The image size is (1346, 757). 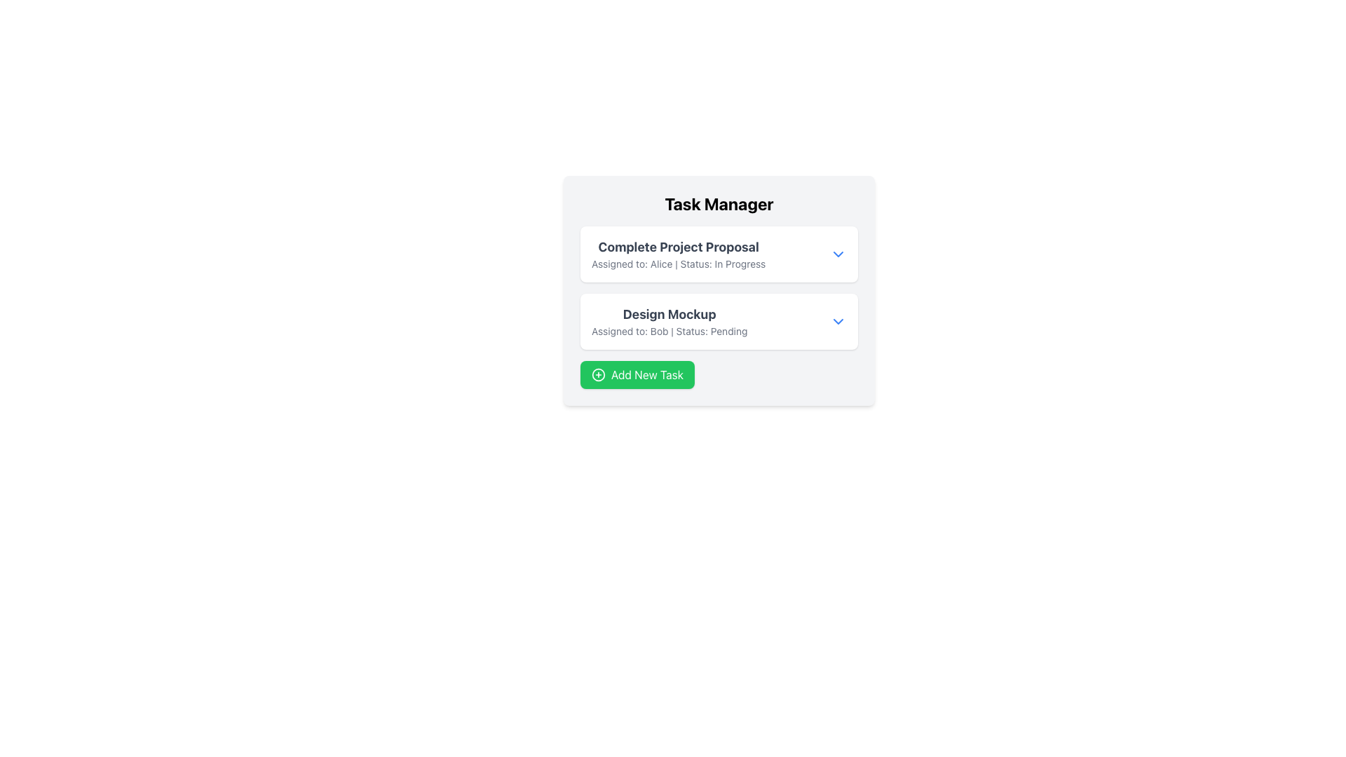 What do you see at coordinates (679, 247) in the screenshot?
I see `the bold text label 'Complete Project Proposal' located in the upper part of the card under the 'Task Manager' section` at bounding box center [679, 247].